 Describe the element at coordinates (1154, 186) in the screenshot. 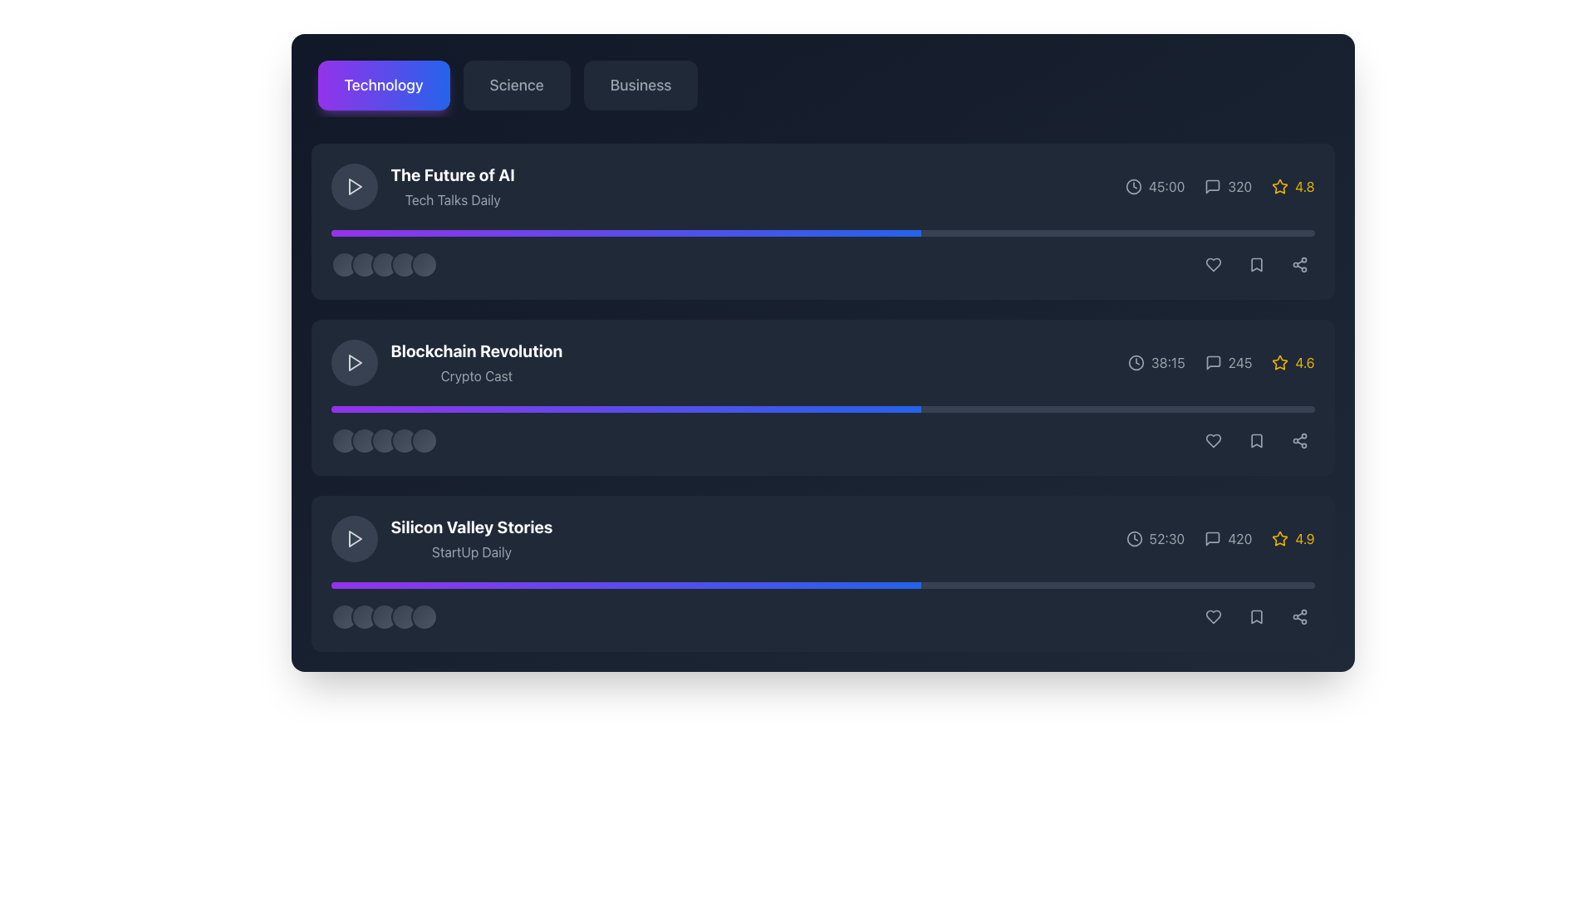

I see `the icon with text that indicates the duration of the content associated with the card titled 'The Future of AI', located in the top-right section of the card` at that location.